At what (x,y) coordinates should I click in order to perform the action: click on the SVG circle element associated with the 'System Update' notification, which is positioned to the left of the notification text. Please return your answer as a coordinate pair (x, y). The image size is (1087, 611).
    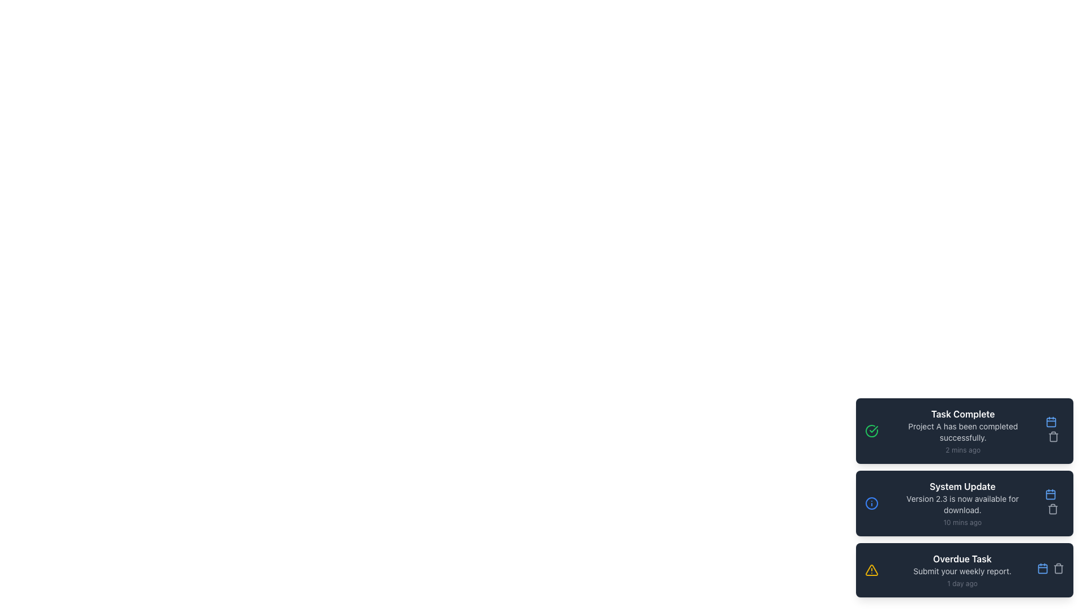
    Looking at the image, I should click on (871, 503).